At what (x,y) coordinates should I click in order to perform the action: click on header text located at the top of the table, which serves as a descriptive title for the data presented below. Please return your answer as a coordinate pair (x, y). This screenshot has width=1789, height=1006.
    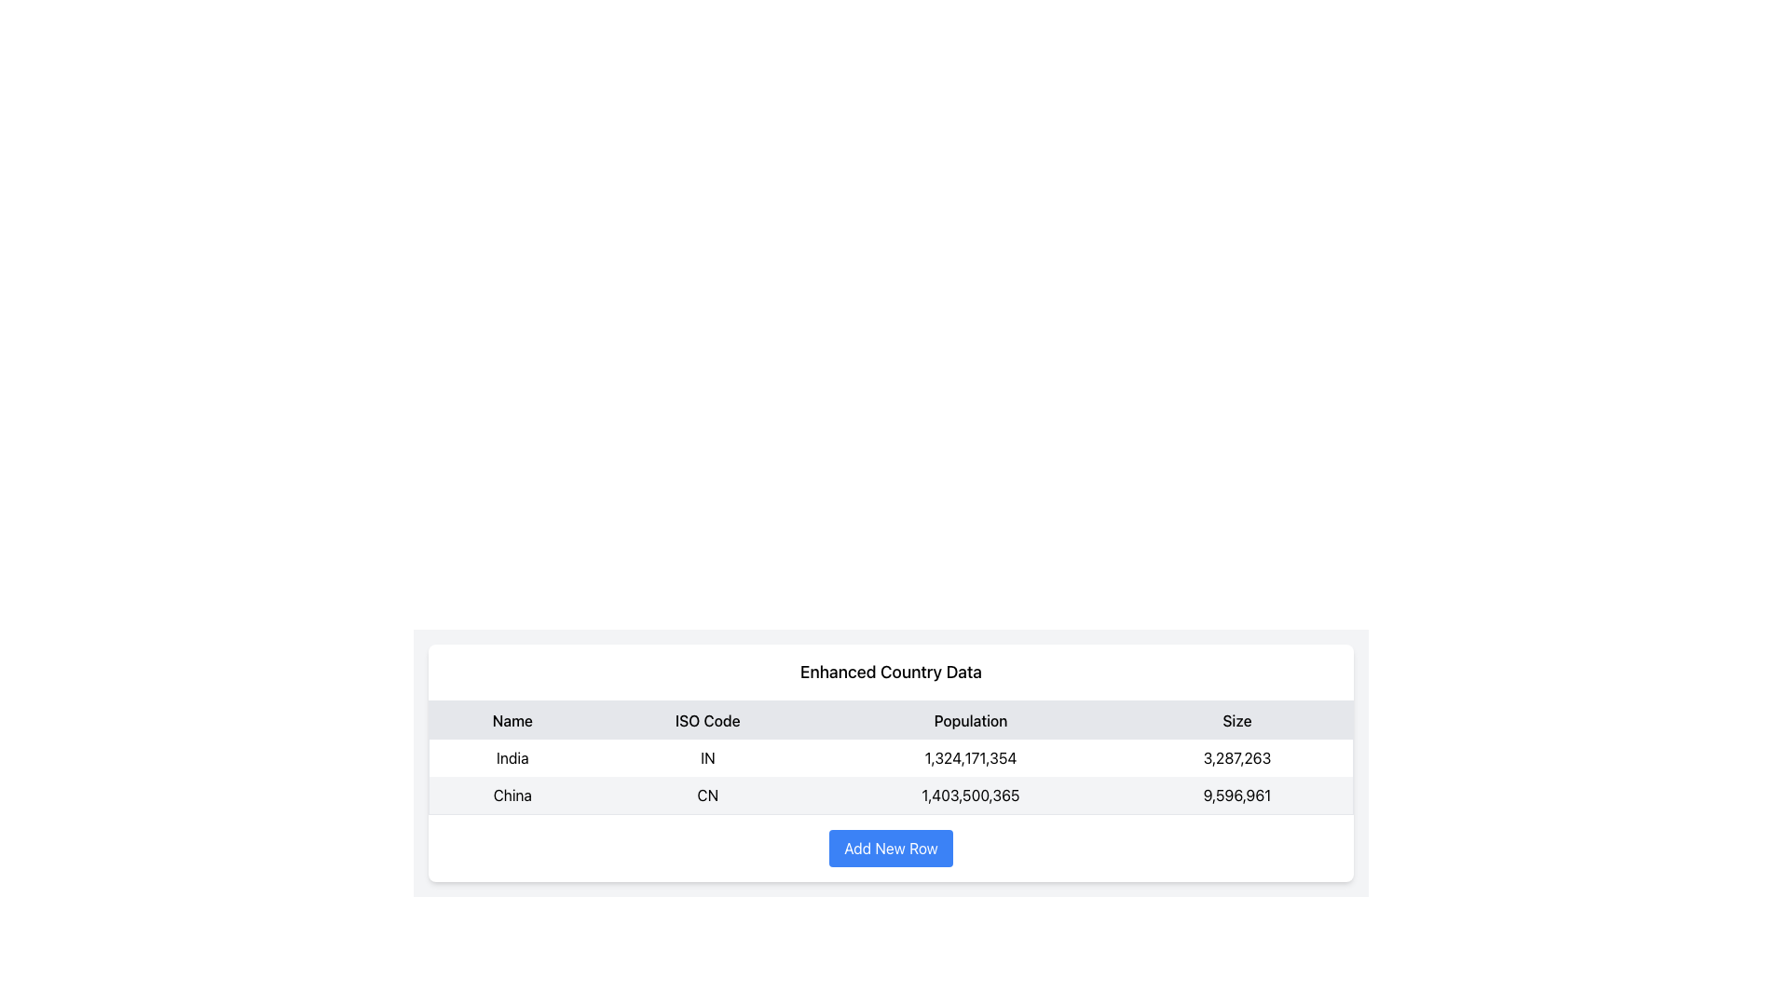
    Looking at the image, I should click on (890, 673).